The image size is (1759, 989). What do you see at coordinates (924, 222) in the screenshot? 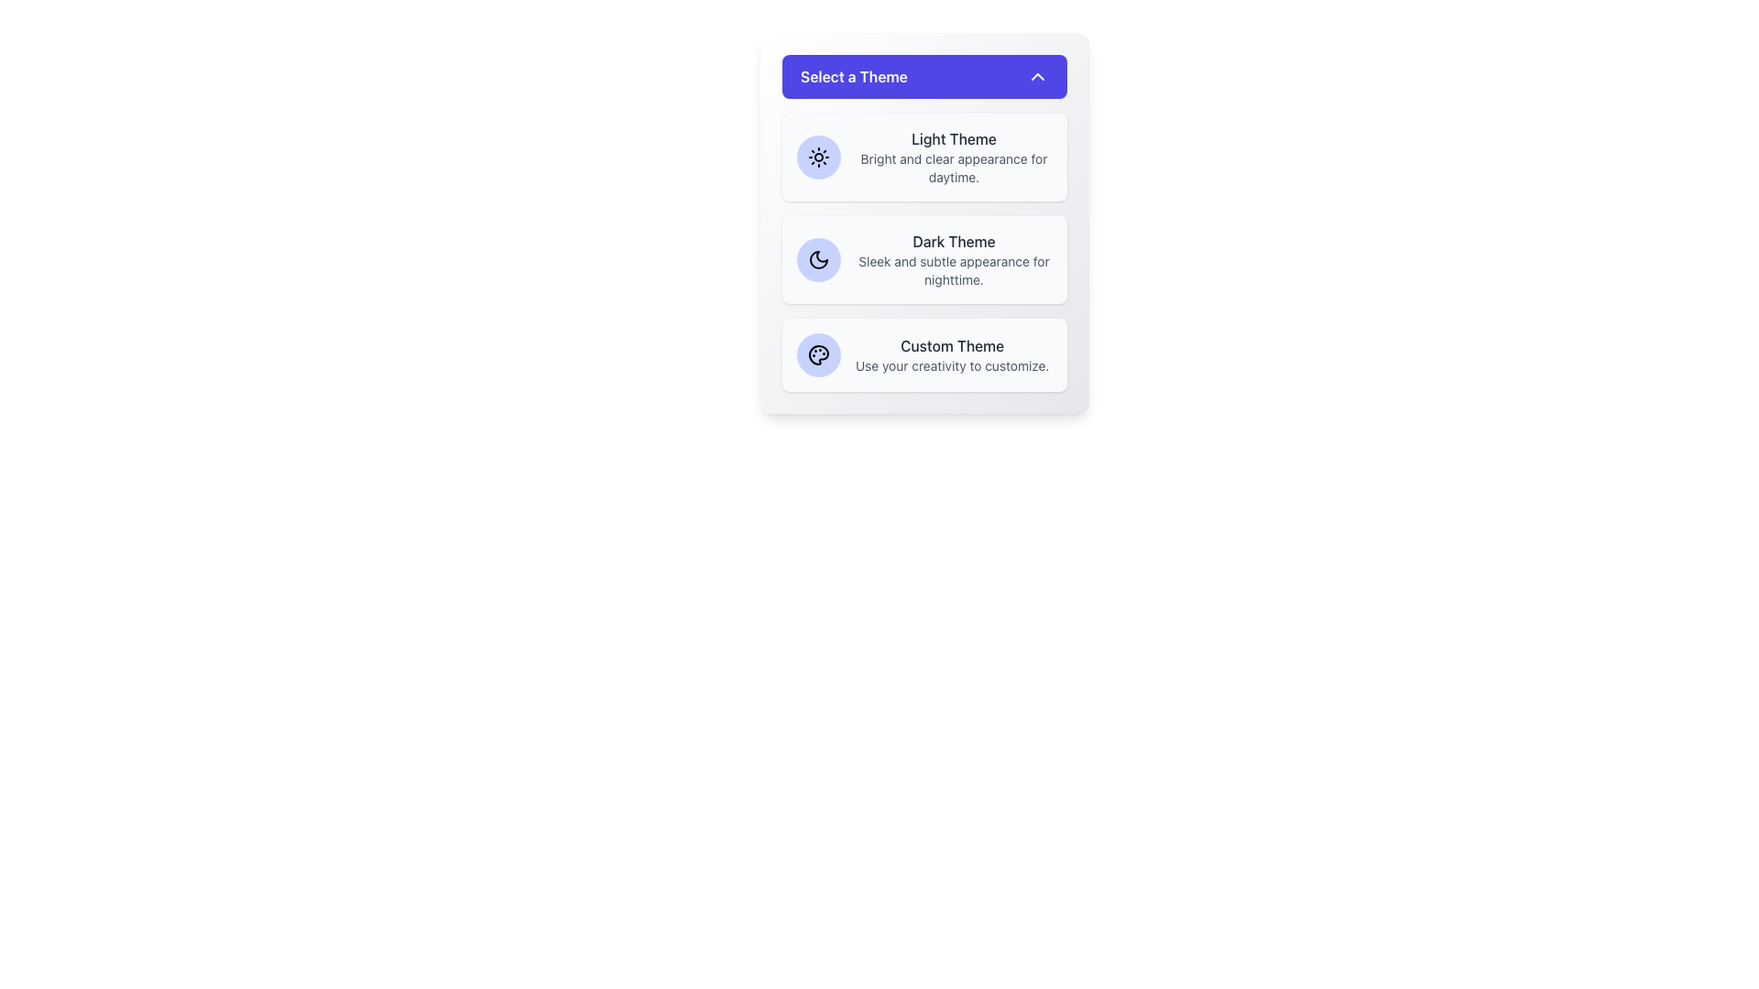
I see `the 'Dark Theme' clickable list item` at bounding box center [924, 222].